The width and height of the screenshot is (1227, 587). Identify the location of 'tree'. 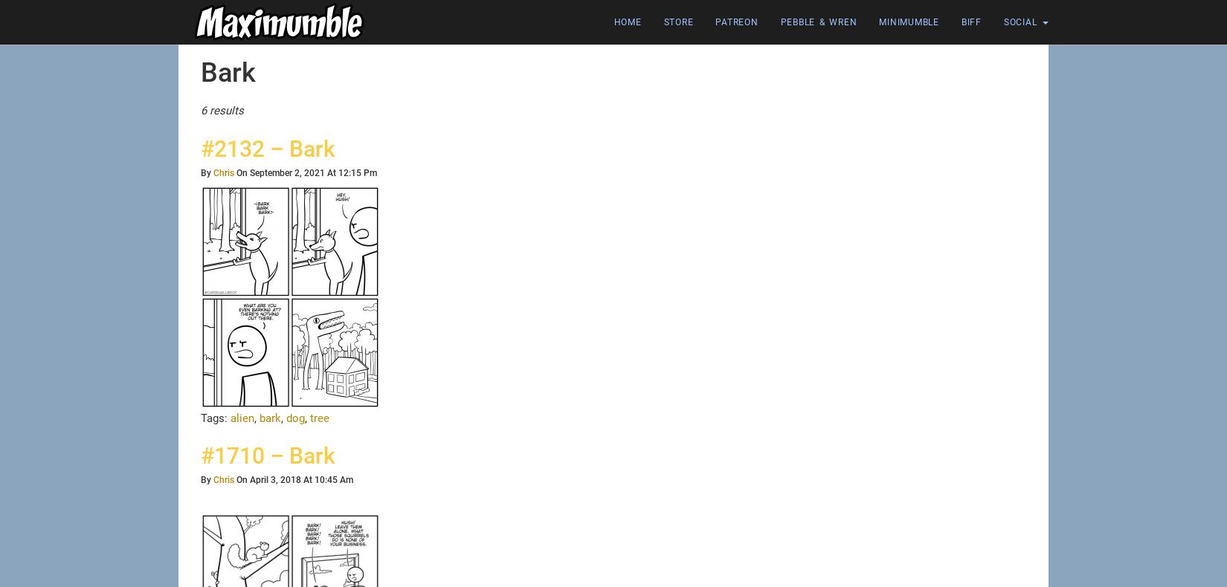
(318, 417).